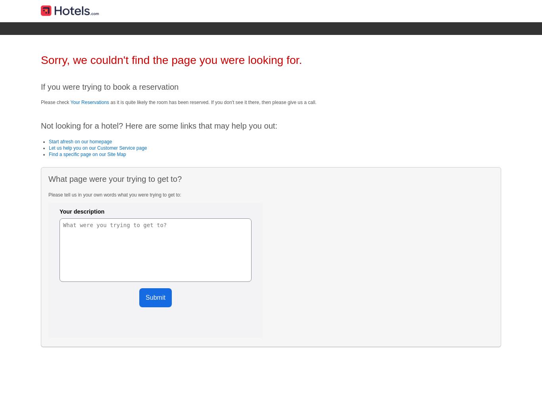 This screenshot has height=397, width=542. What do you see at coordinates (110, 86) in the screenshot?
I see `'If you were trying to book a reservation'` at bounding box center [110, 86].